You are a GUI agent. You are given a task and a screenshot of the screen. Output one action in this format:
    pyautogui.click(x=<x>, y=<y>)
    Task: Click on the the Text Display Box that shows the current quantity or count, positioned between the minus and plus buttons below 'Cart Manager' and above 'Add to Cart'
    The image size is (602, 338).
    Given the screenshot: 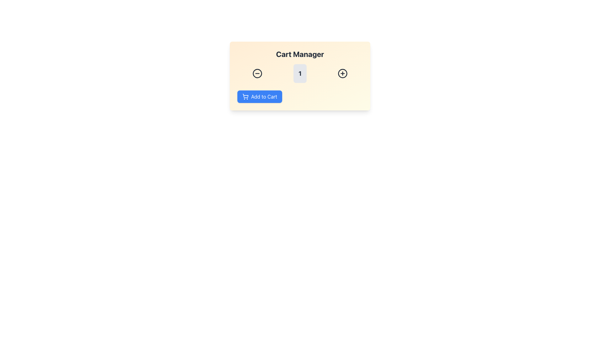 What is the action you would take?
    pyautogui.click(x=299, y=73)
    